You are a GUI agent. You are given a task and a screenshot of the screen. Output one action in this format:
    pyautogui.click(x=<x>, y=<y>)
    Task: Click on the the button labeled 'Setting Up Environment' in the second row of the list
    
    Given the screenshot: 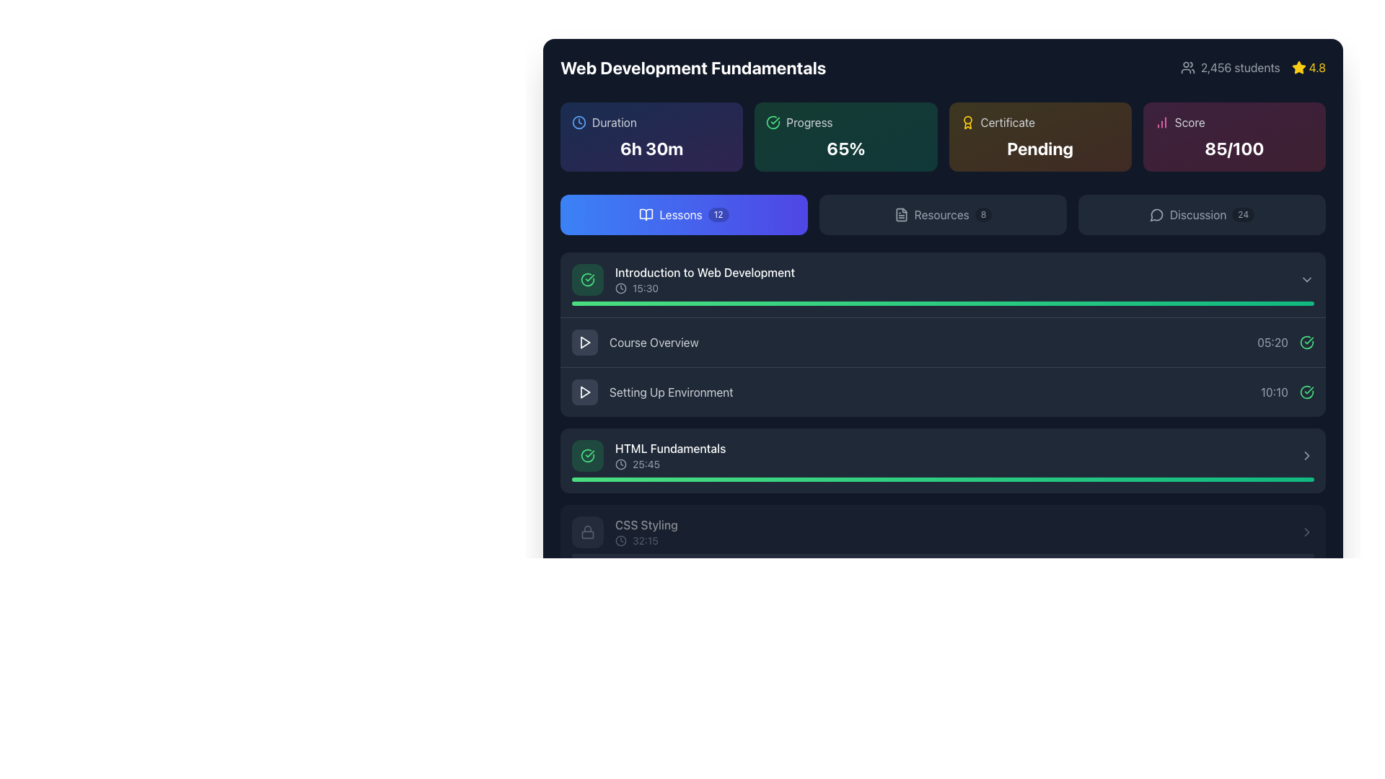 What is the action you would take?
    pyautogui.click(x=943, y=392)
    